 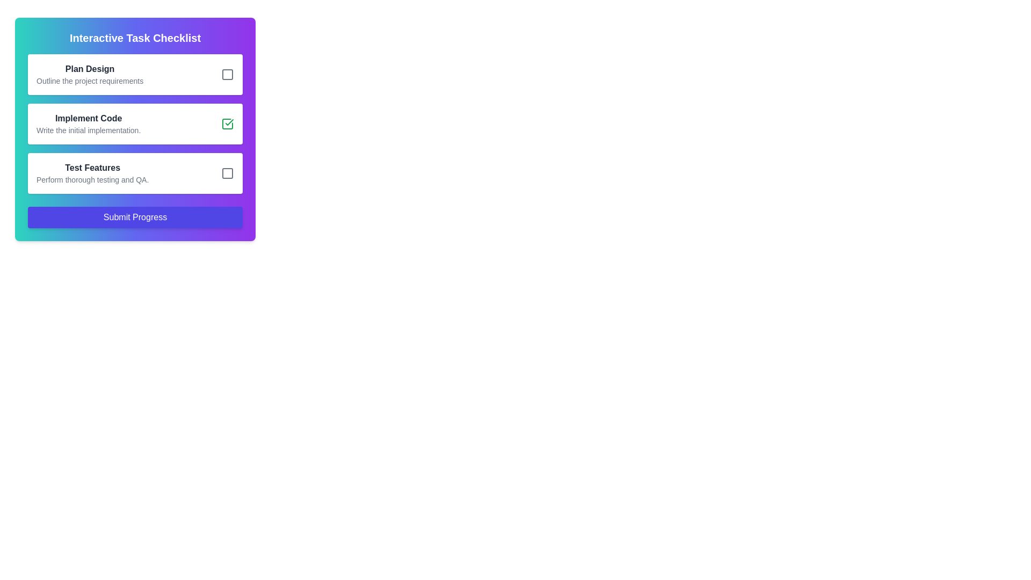 What do you see at coordinates (92, 168) in the screenshot?
I see `the Text label that serves as the title for the third task in the checklist, positioned above the description text 'Perform thorough testing and QA.' and aligned to the left of its associated checkbox` at bounding box center [92, 168].